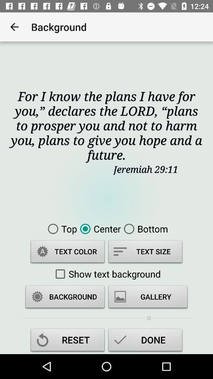 The image size is (213, 379). I want to click on the item to the right of center icon, so click(144, 229).